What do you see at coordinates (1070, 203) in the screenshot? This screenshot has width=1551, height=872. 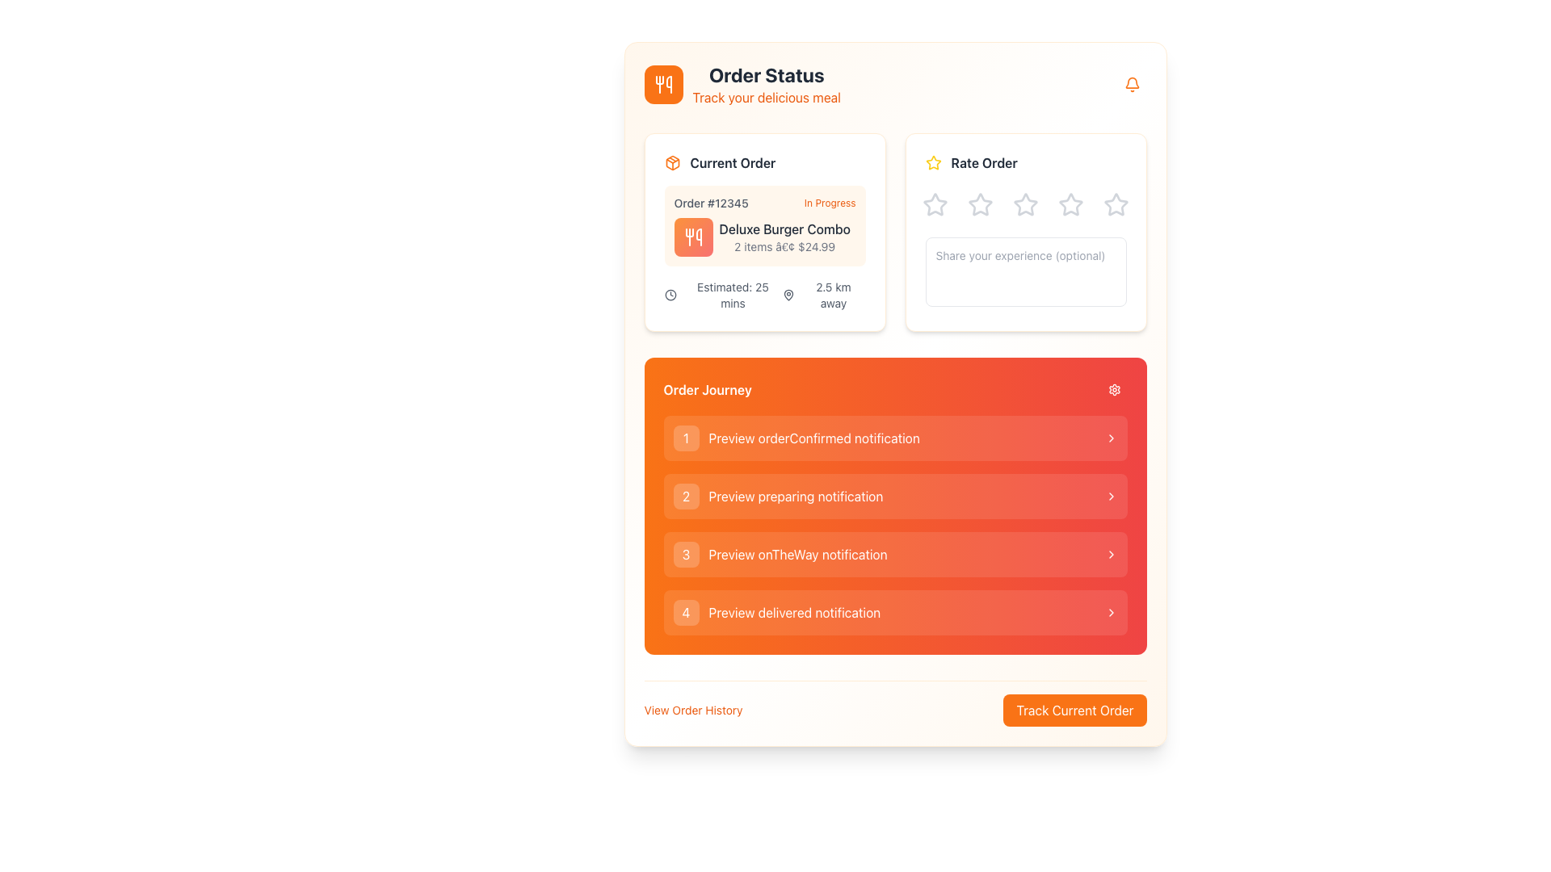 I see `the third rating star in the 'Rate Order' section to provide visual feedback` at bounding box center [1070, 203].